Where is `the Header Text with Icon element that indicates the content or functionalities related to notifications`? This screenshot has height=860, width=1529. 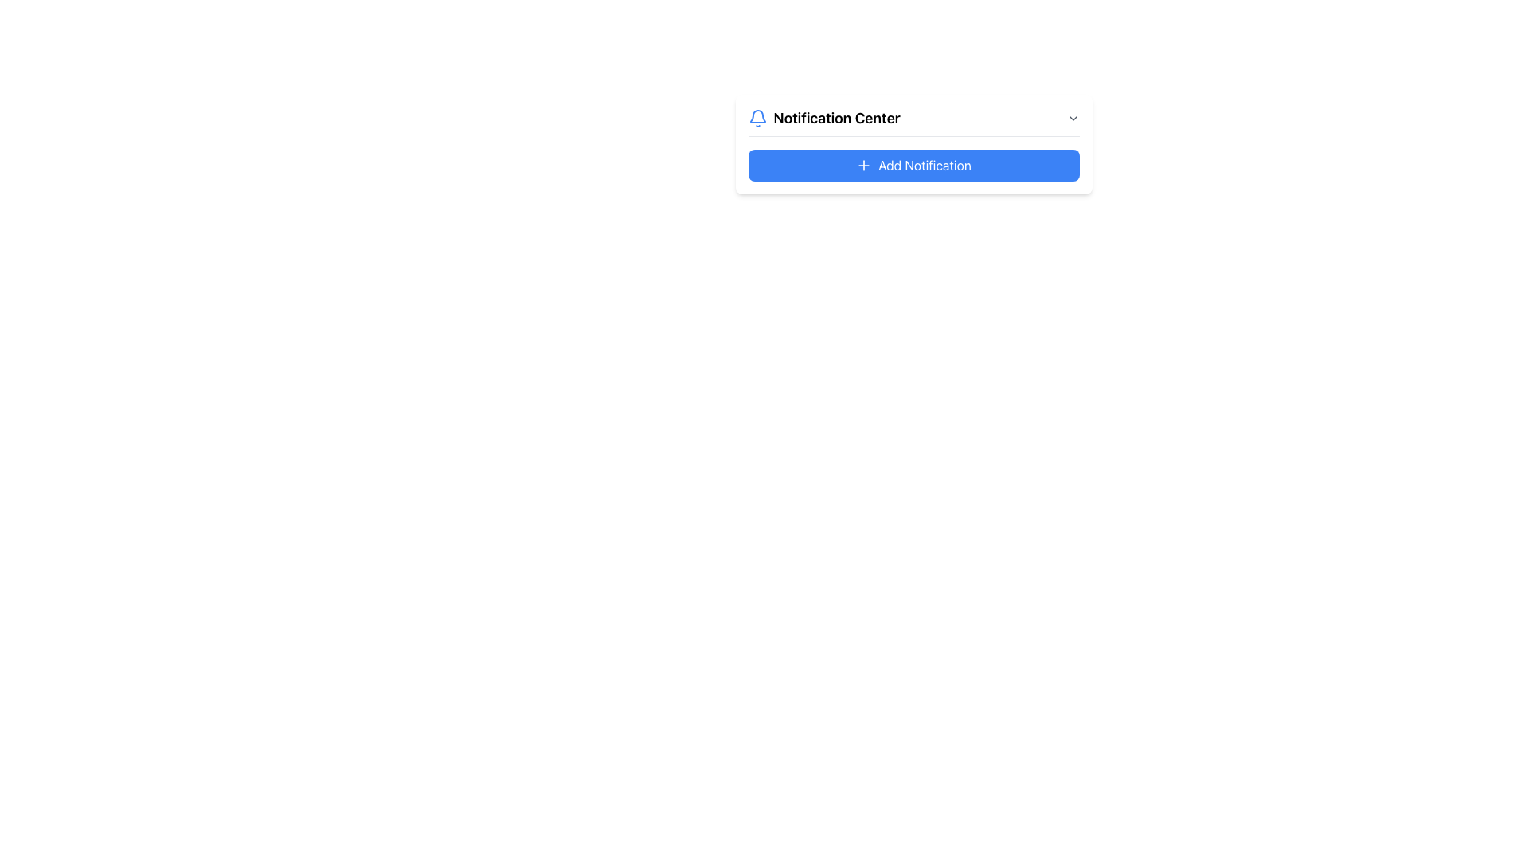 the Header Text with Icon element that indicates the content or functionalities related to notifications is located at coordinates (824, 118).